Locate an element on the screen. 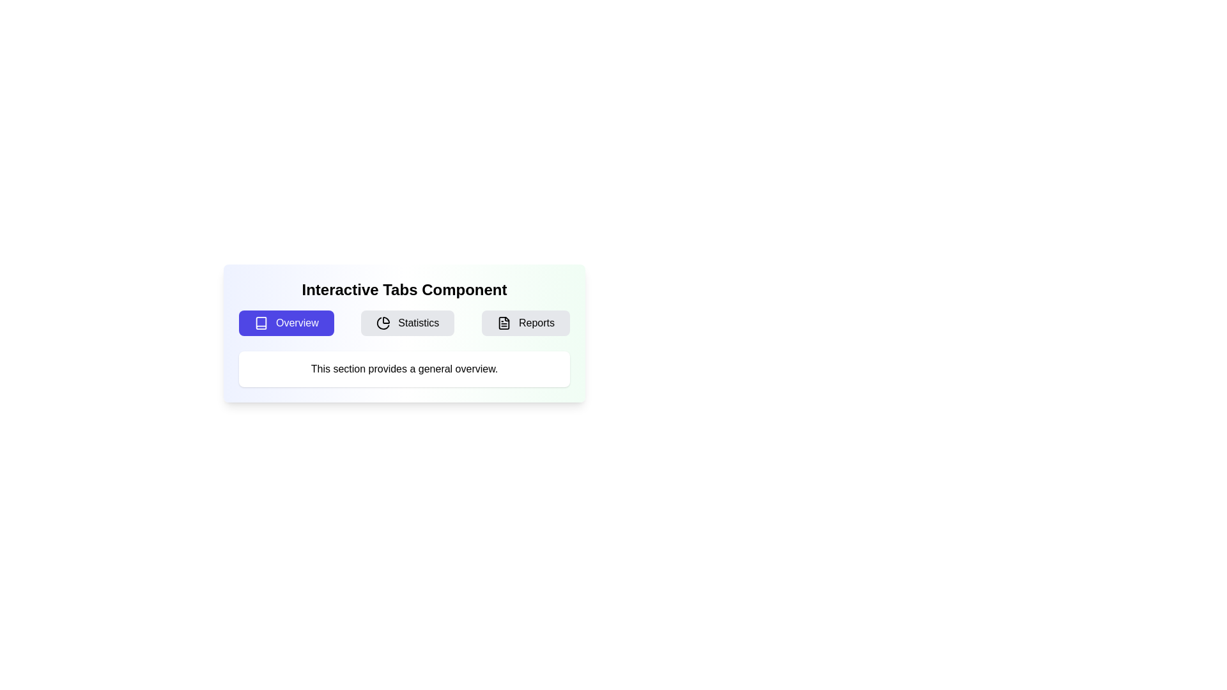 This screenshot has height=690, width=1227. the 'Statistics' icon located at the left of the text 'Statistics' in the horizontal menu bar is located at coordinates (383, 322).